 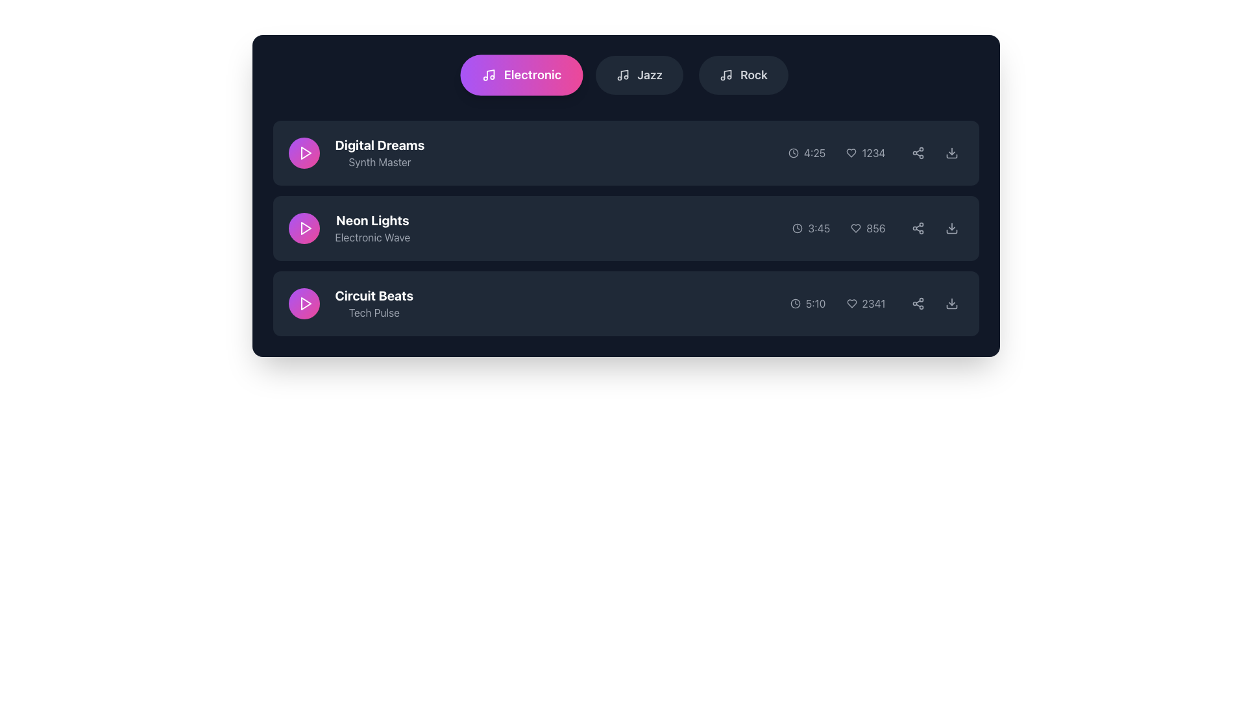 What do you see at coordinates (951, 152) in the screenshot?
I see `the download button located at the far-right corner of the row containing the track 'Digital Dreams'` at bounding box center [951, 152].